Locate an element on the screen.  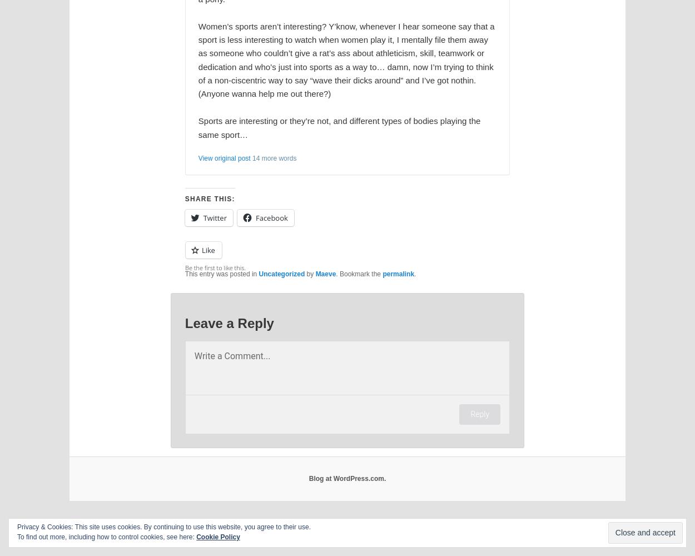
'Women’s sports aren’t interesting? Y’know, whenever I hear someone say that a sport is less interesting to watch when women play it, I mentally file them away as someone who couldn’t give a rat’s ass about athleticism, skill, teamwork or dedication and who’s just into sports as a way to… damn, now I’m trying to think of a non-ciscentric way to say “wave their dicks around” and I’ve got nothin. (Anyone wanna help me out there?)' is located at coordinates (345, 59).